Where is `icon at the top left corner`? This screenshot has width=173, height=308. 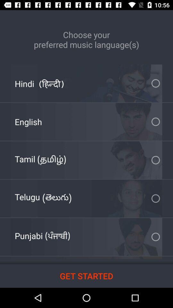
icon at the top left corner is located at coordinates (39, 83).